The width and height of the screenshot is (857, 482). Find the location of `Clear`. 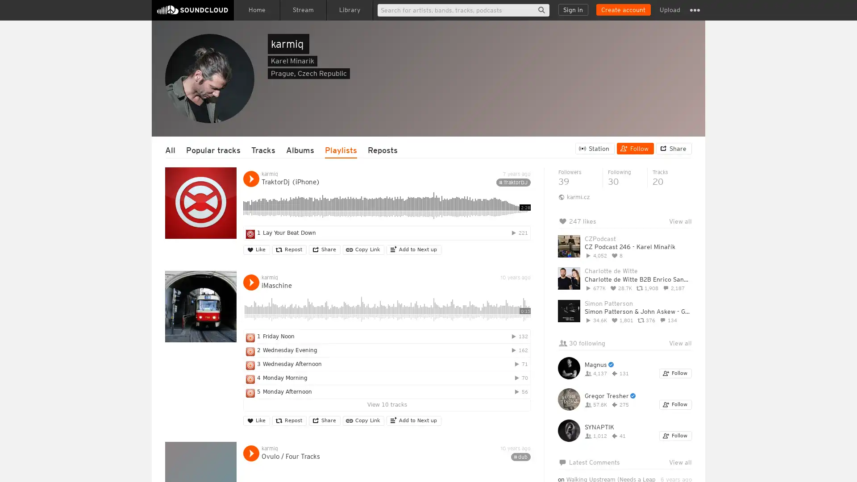

Clear is located at coordinates (661, 244).